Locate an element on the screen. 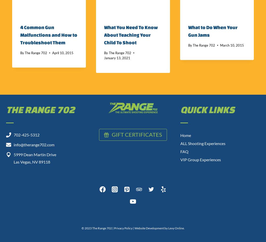  'VIP Group Experiences' is located at coordinates (180, 159).